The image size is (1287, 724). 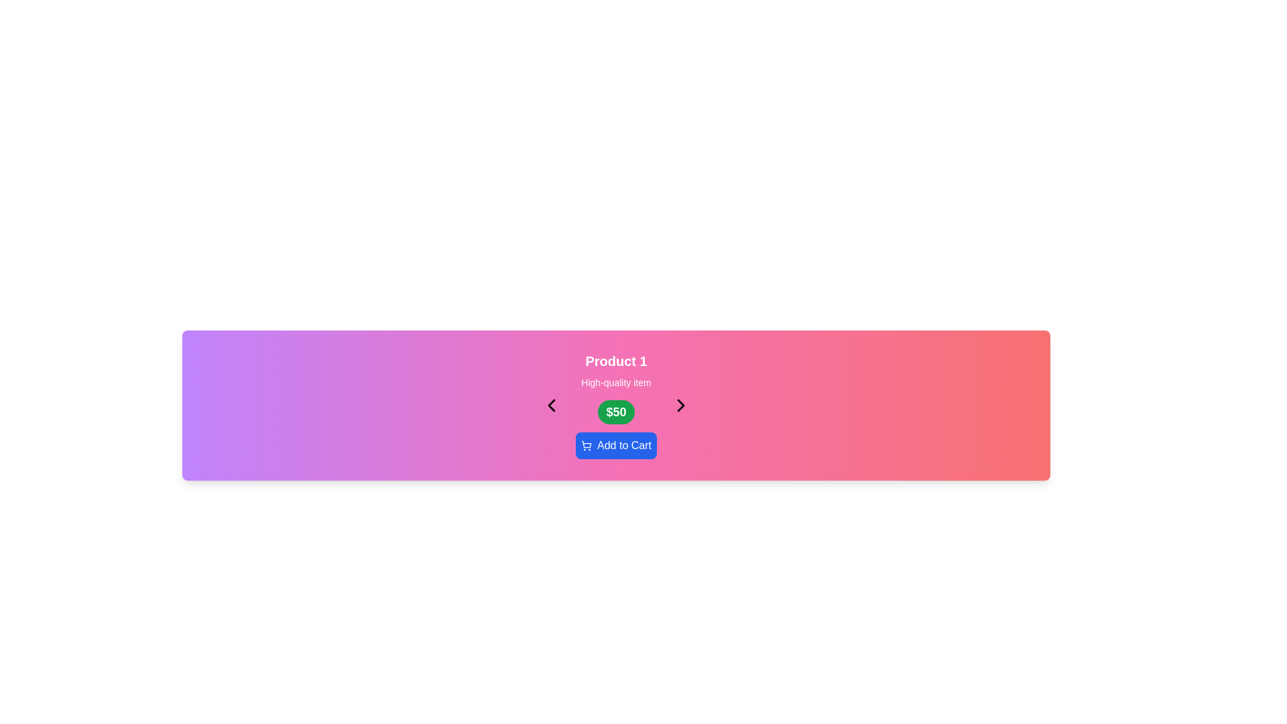 I want to click on the left arrow SVG element, so click(x=552, y=405).